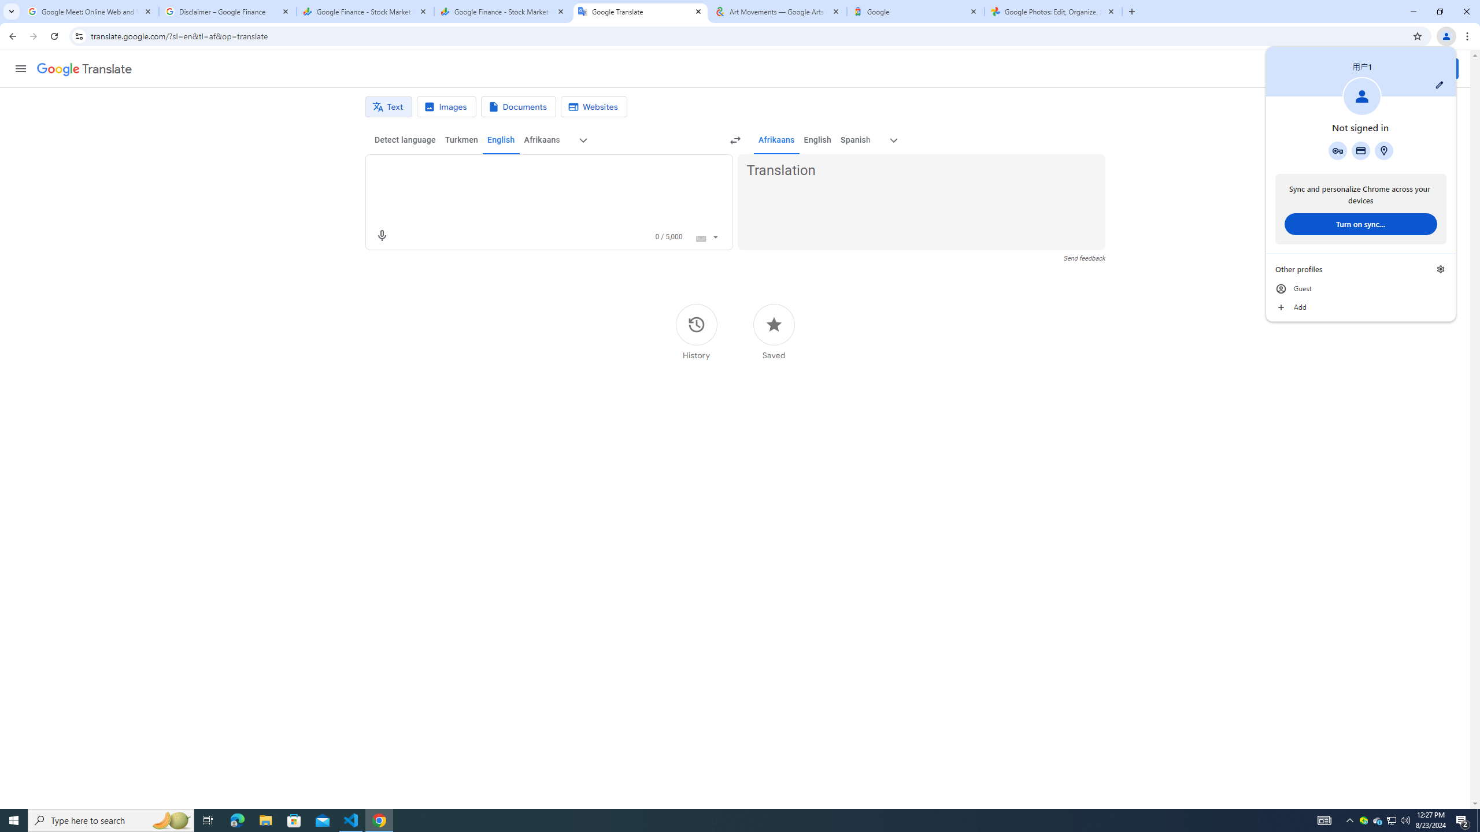  I want to click on 'Send feedback', so click(1084, 258).